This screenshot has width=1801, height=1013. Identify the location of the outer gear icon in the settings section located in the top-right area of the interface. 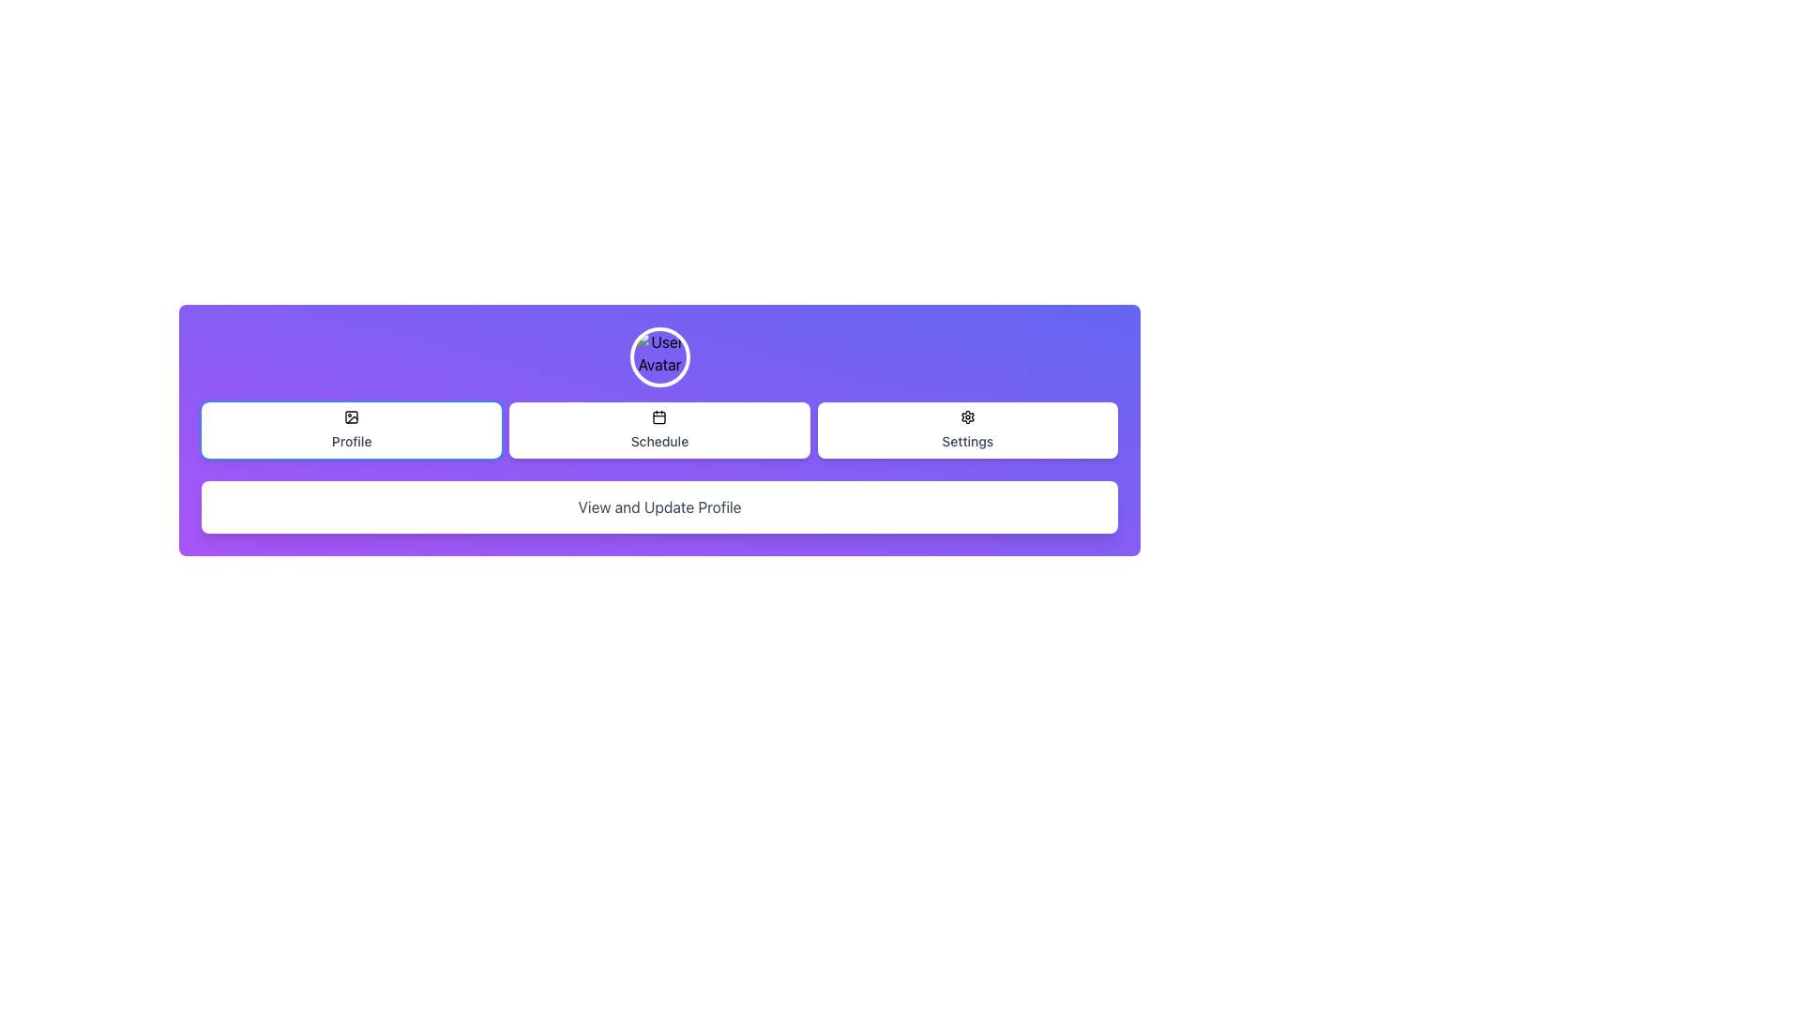
(967, 416).